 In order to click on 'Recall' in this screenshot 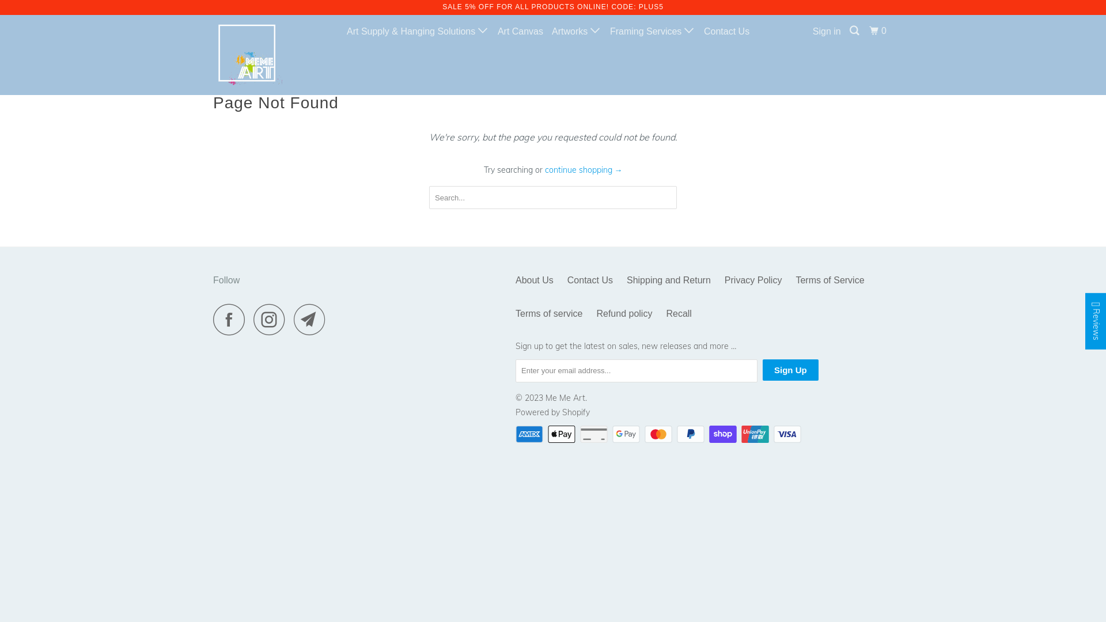, I will do `click(666, 313)`.